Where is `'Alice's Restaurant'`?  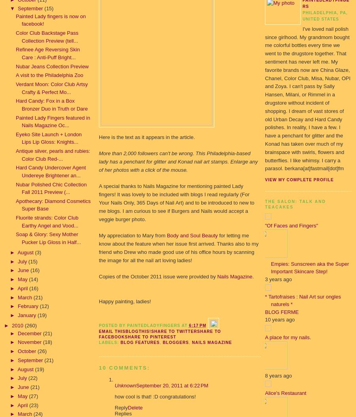
'Alice's Restaurant' is located at coordinates (265, 392).